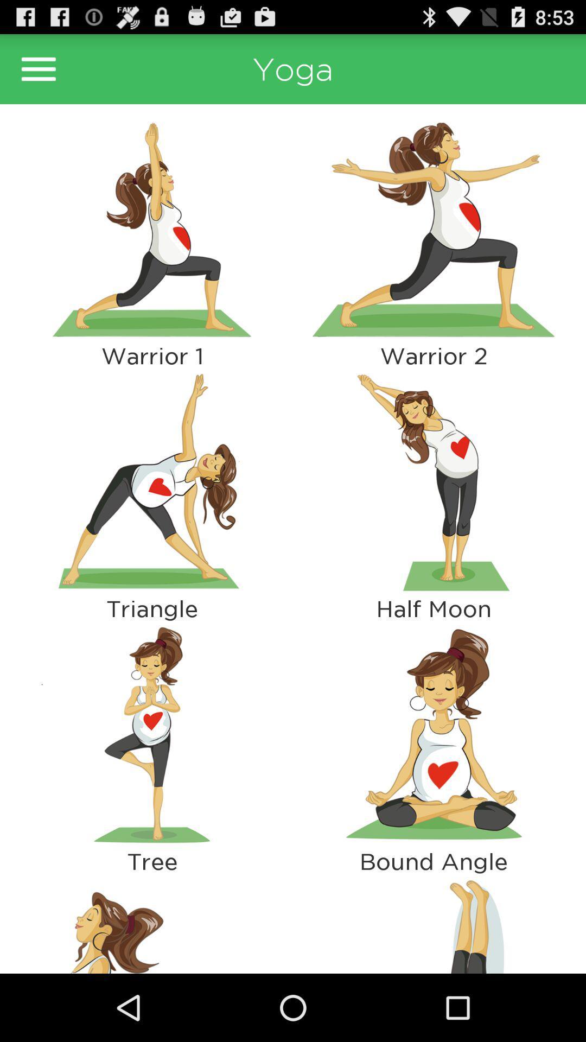  I want to click on app to the left of warrior 2, so click(152, 481).